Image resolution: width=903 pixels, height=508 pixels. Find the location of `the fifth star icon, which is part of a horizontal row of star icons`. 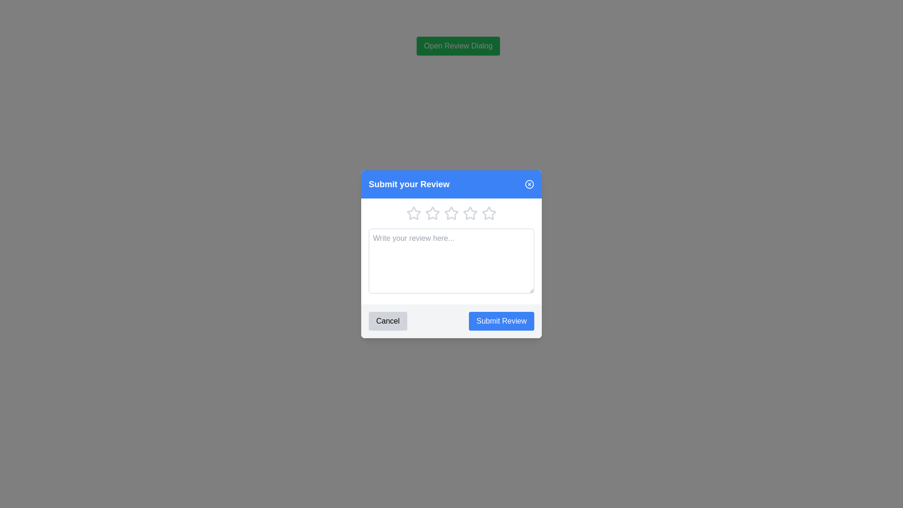

the fifth star icon, which is part of a horizontal row of star icons is located at coordinates (489, 213).